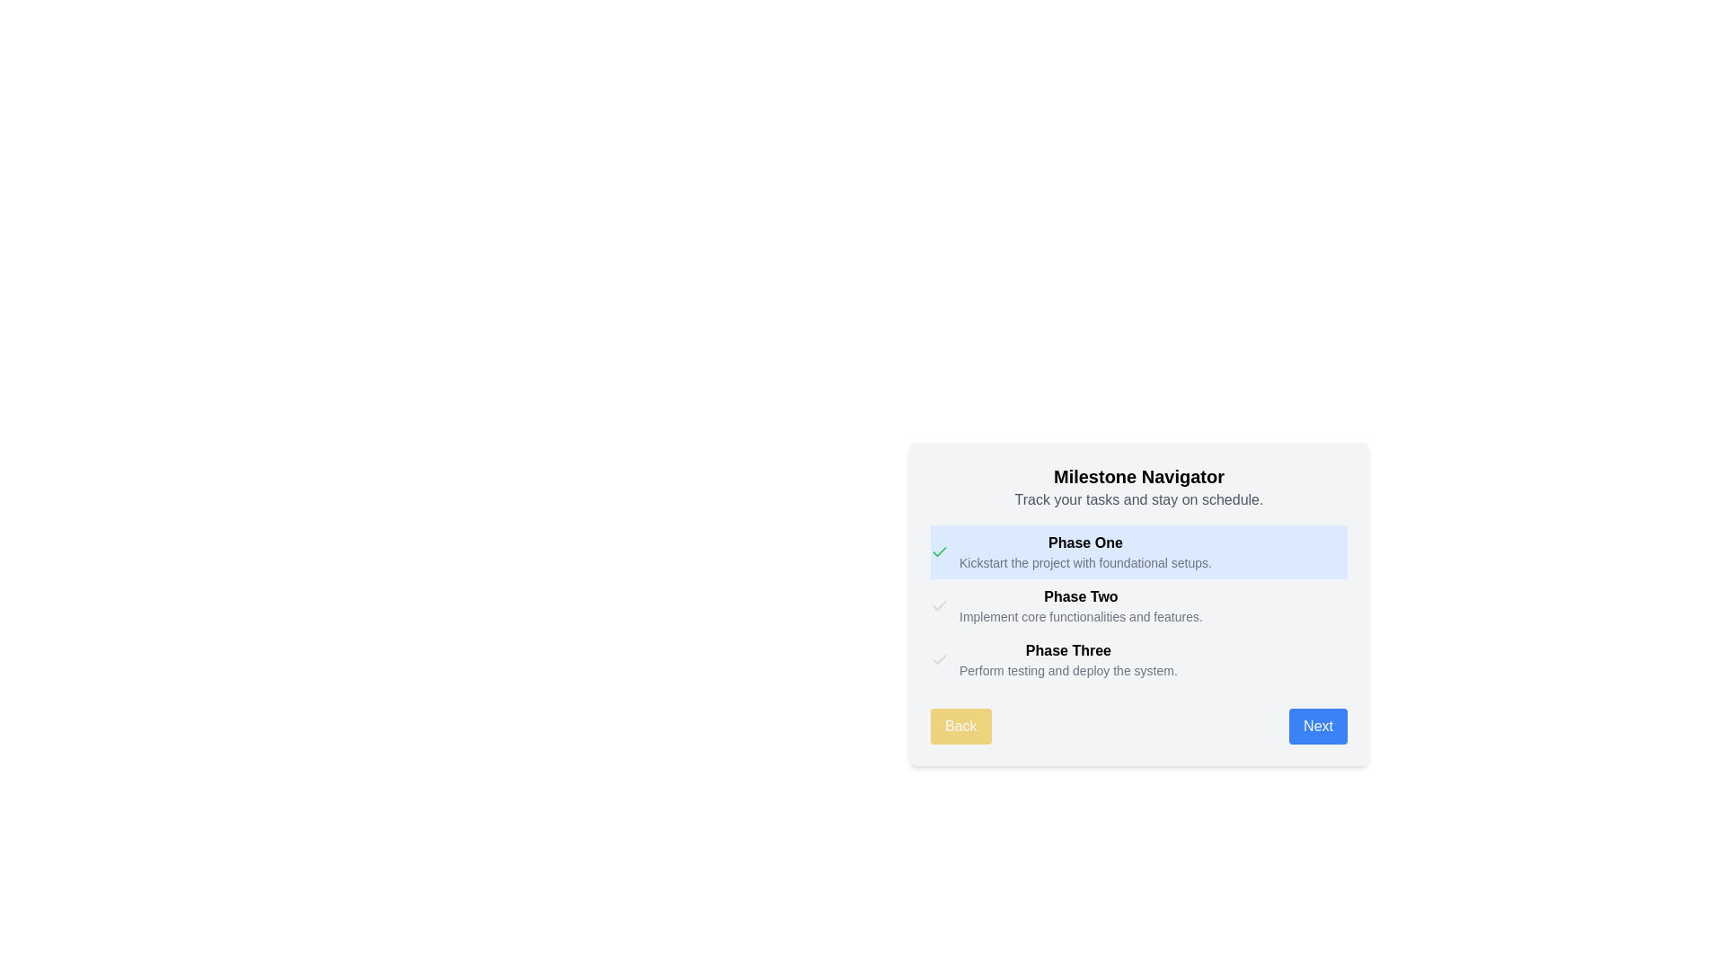  What do you see at coordinates (1318, 726) in the screenshot?
I see `the blue 'Next' button with white text located in the bottom-right corner of the content card` at bounding box center [1318, 726].